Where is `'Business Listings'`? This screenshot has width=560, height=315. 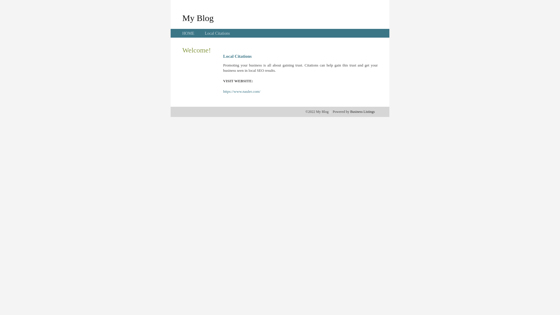
'Business Listings' is located at coordinates (362, 111).